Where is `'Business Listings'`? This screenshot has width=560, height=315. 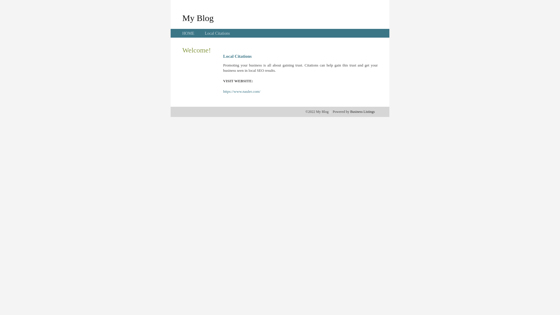
'Business Listings' is located at coordinates (362, 111).